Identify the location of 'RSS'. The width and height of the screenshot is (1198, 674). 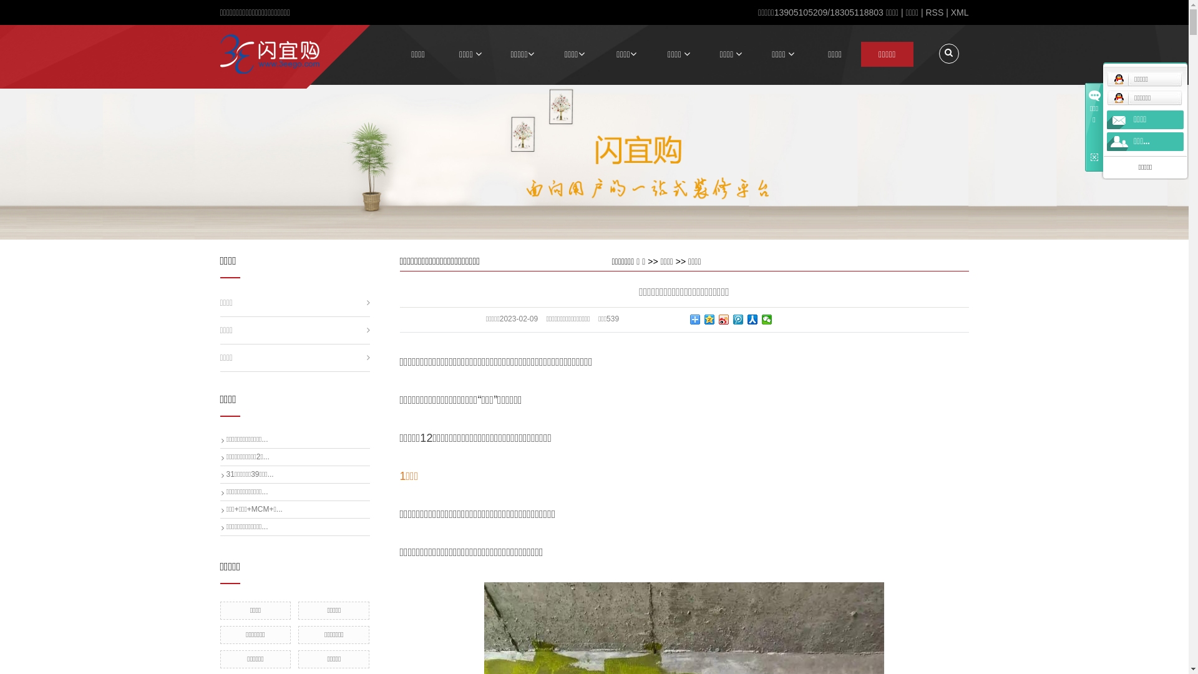
(934, 12).